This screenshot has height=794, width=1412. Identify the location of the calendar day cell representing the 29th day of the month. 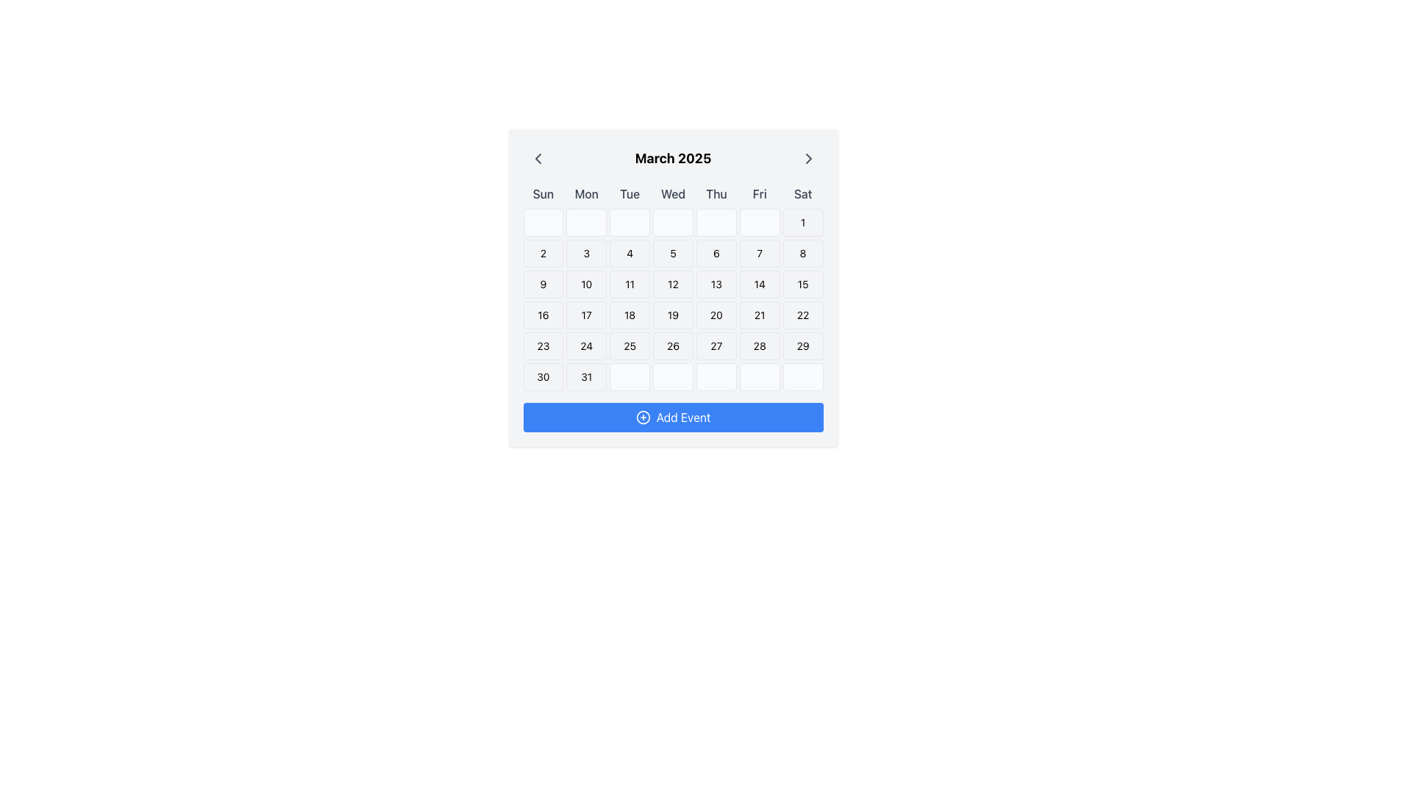
(802, 346).